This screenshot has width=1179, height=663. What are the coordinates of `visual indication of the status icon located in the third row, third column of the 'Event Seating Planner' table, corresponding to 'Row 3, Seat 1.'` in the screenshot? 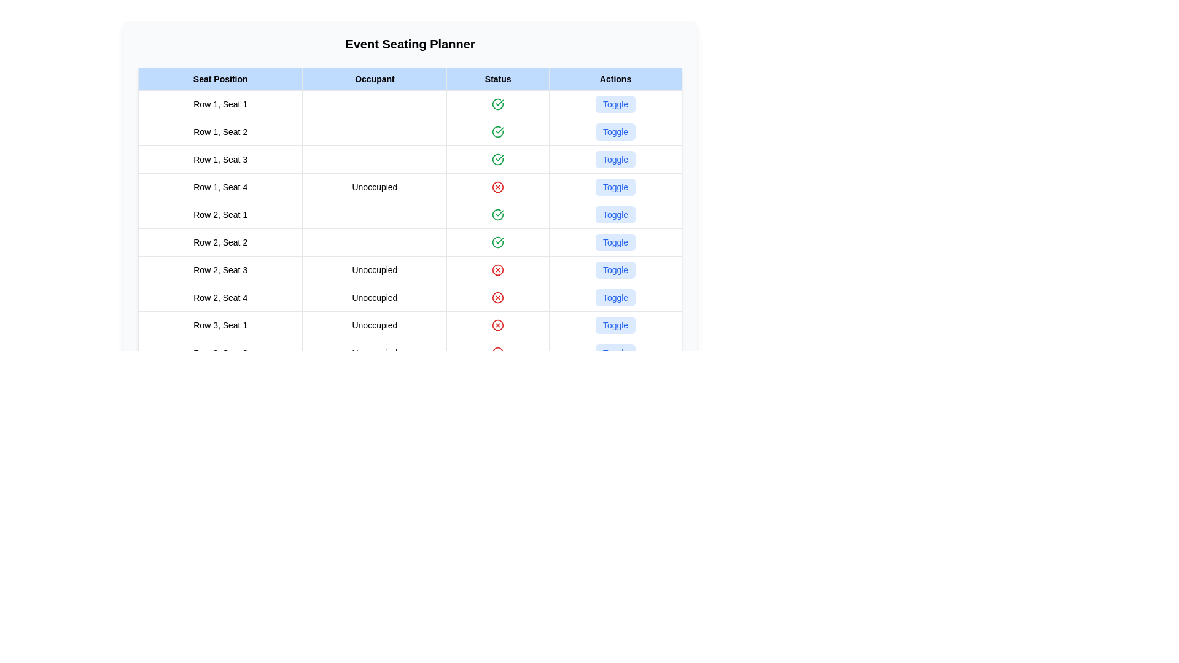 It's located at (498, 324).